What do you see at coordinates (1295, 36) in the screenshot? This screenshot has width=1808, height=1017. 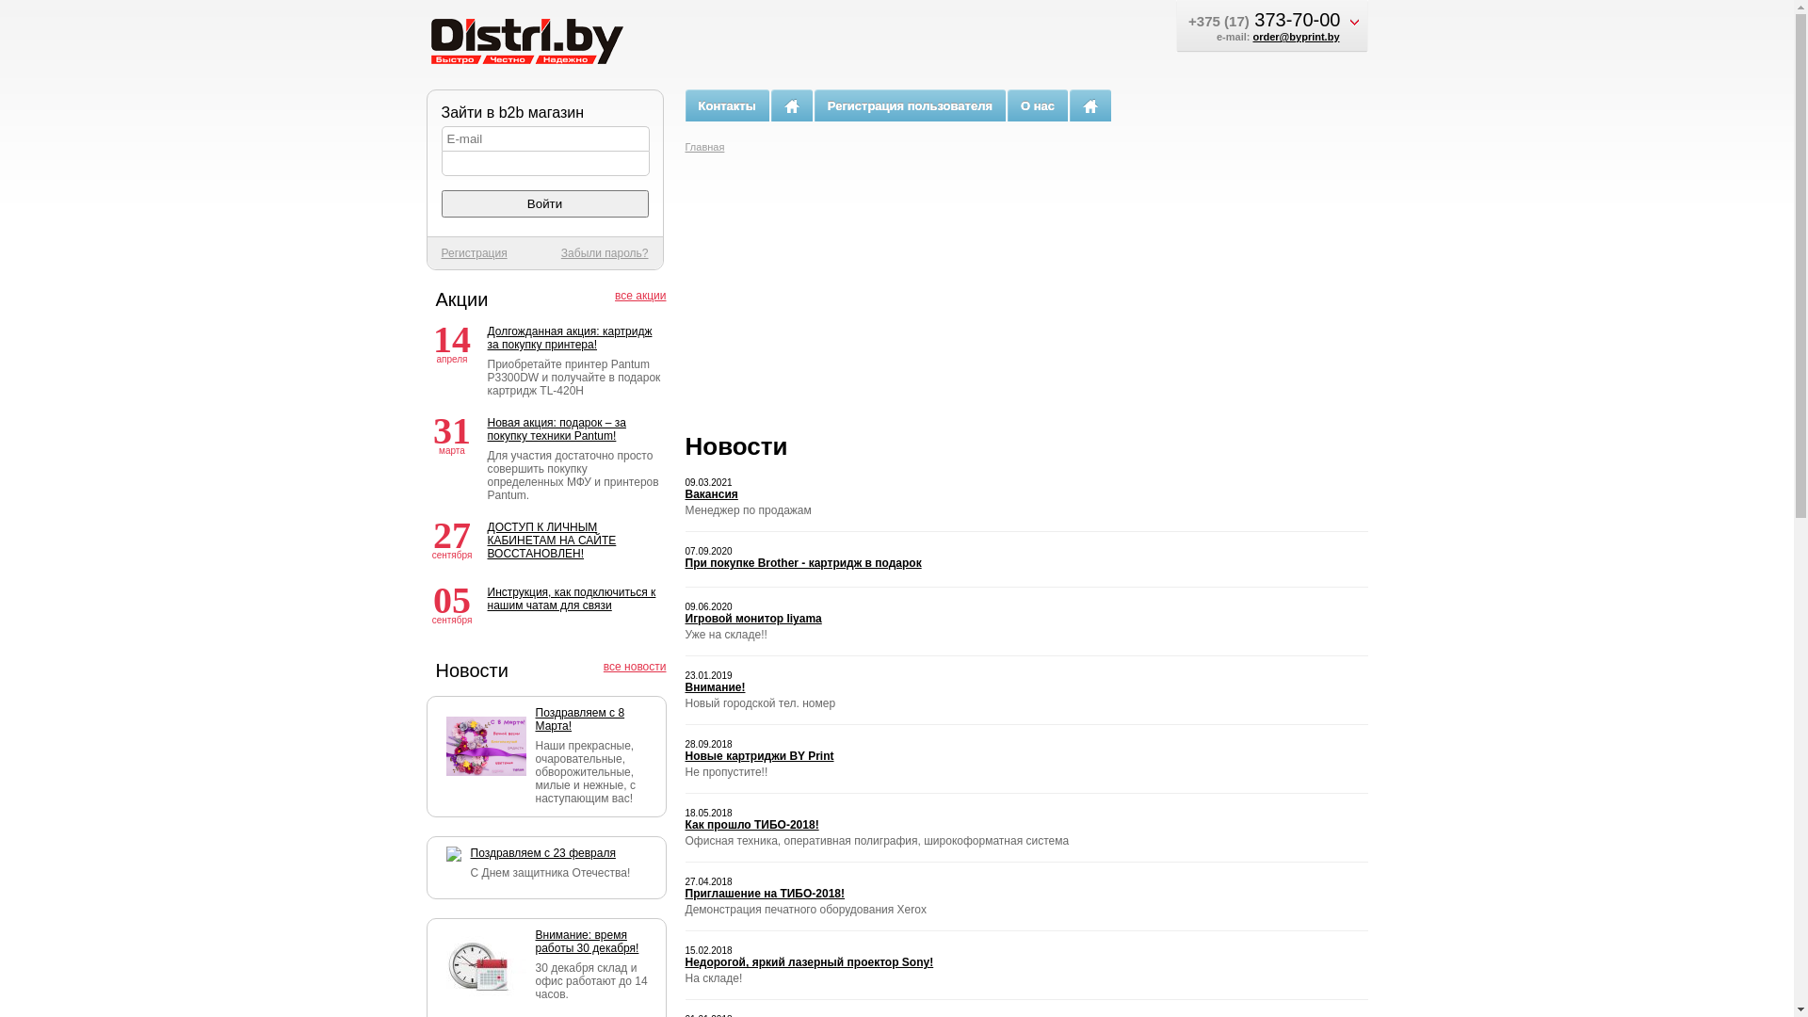 I see `'order@byprint.by'` at bounding box center [1295, 36].